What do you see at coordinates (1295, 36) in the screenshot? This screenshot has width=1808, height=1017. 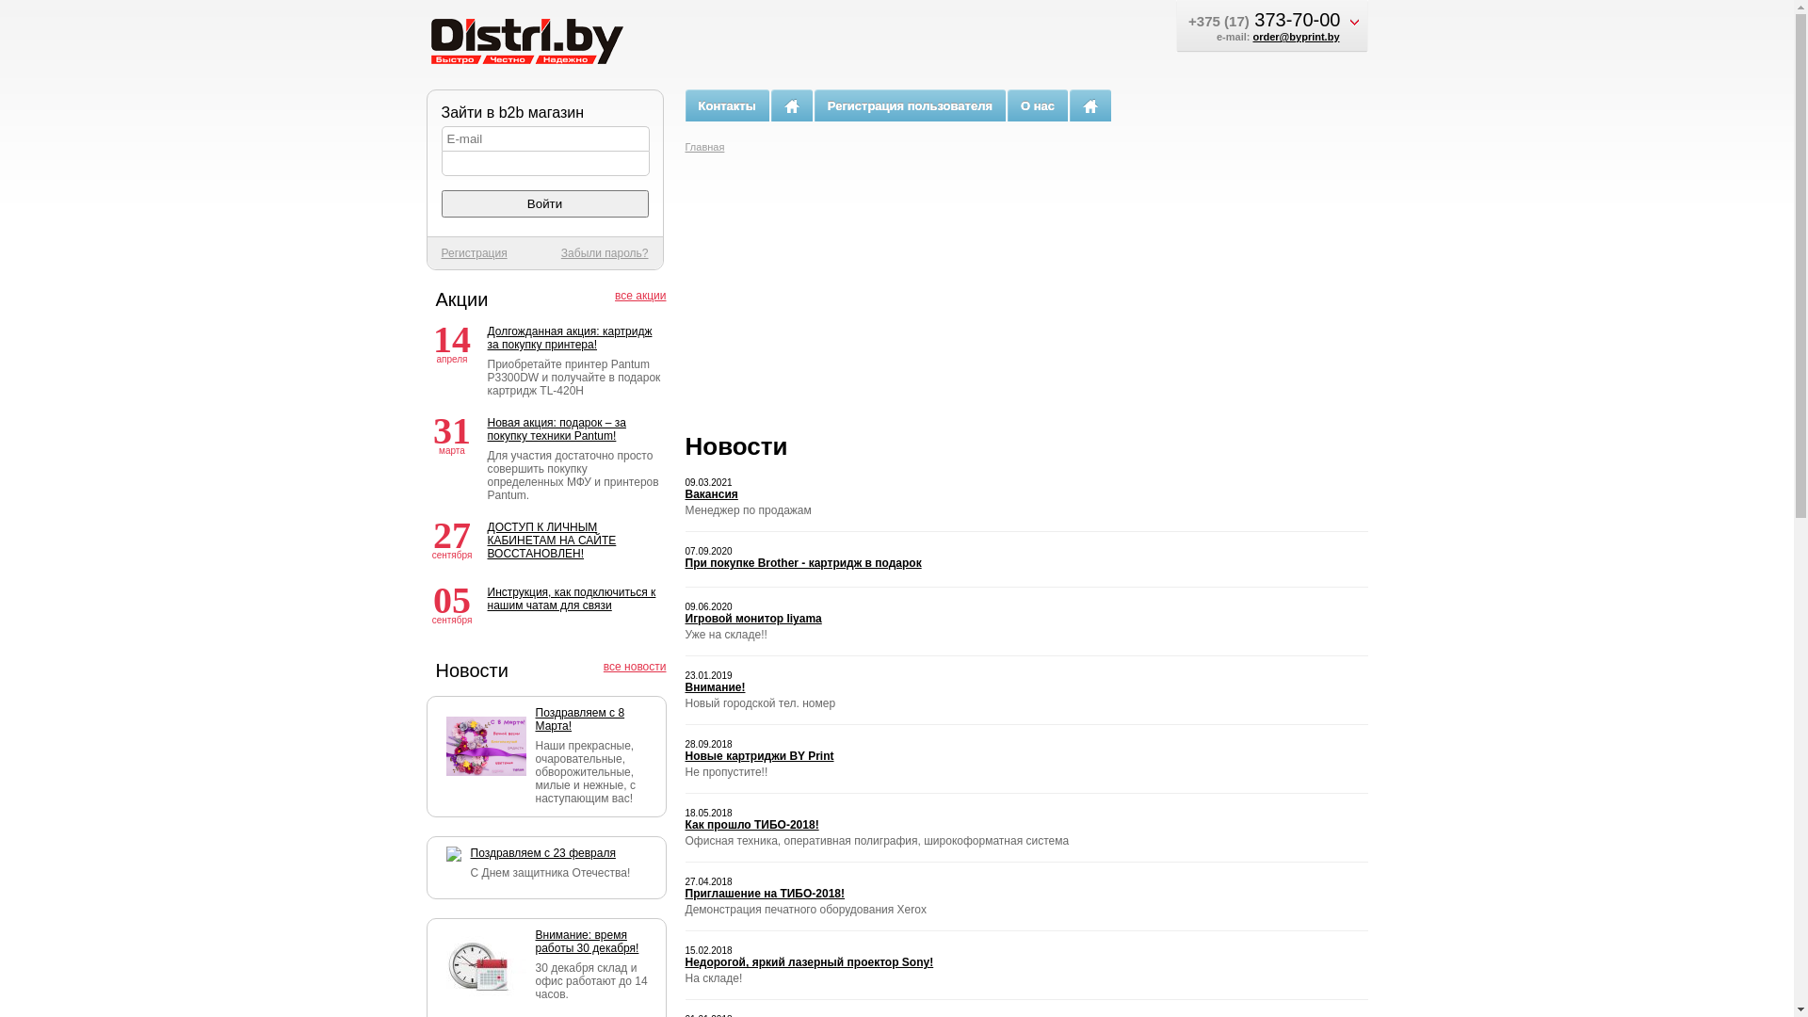 I see `'order@byprint.by'` at bounding box center [1295, 36].